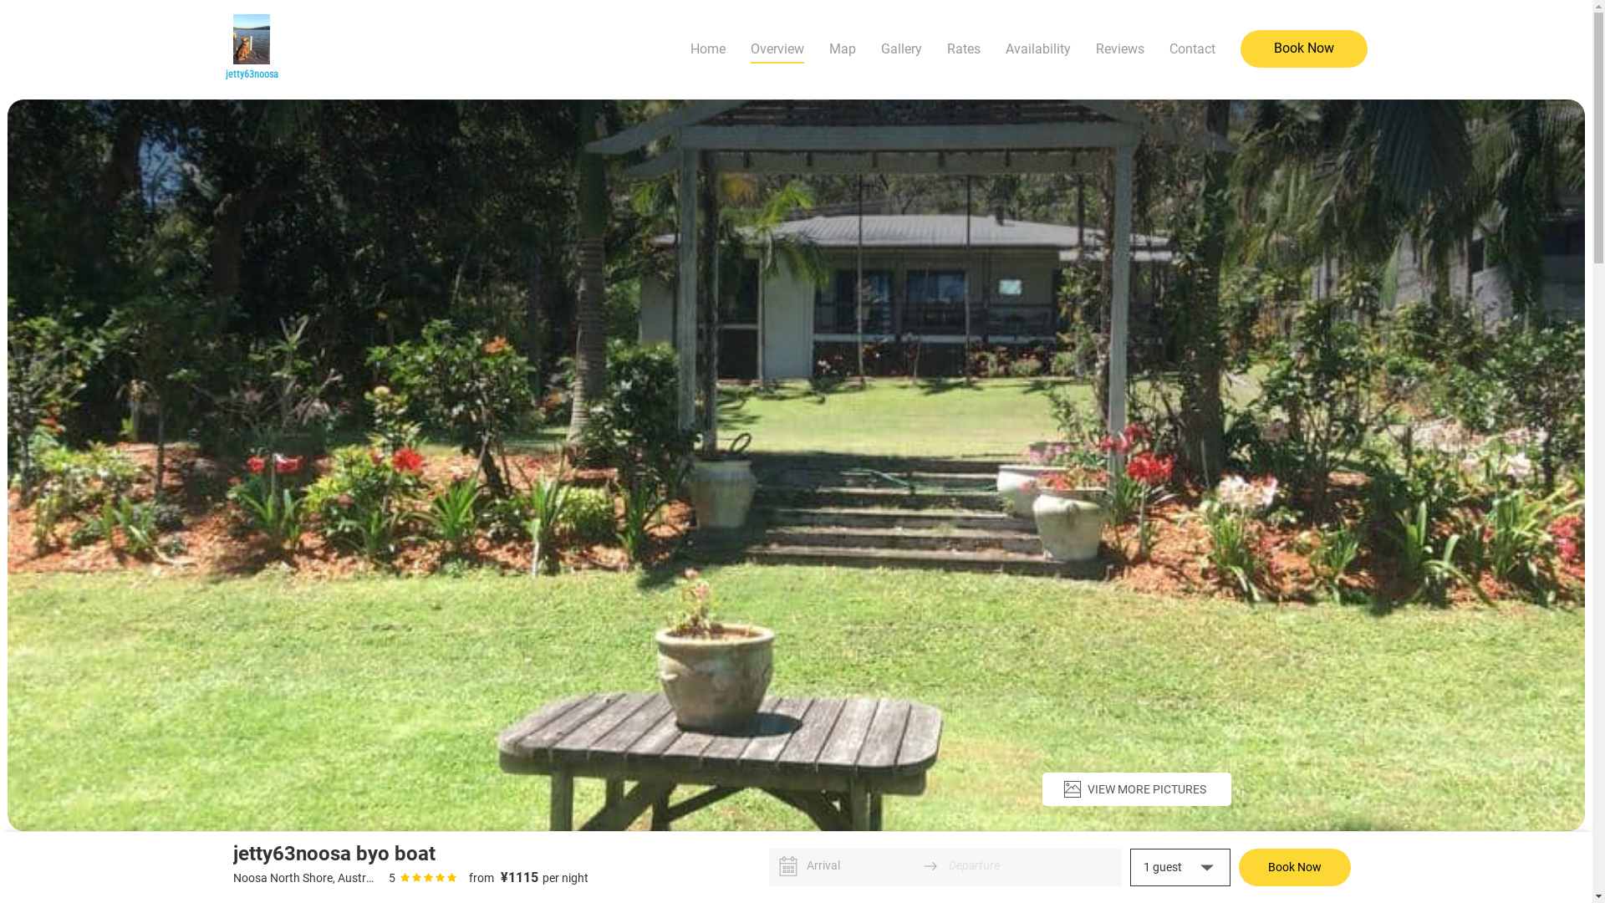  Describe the element at coordinates (1240, 48) in the screenshot. I see `'Book Now'` at that location.